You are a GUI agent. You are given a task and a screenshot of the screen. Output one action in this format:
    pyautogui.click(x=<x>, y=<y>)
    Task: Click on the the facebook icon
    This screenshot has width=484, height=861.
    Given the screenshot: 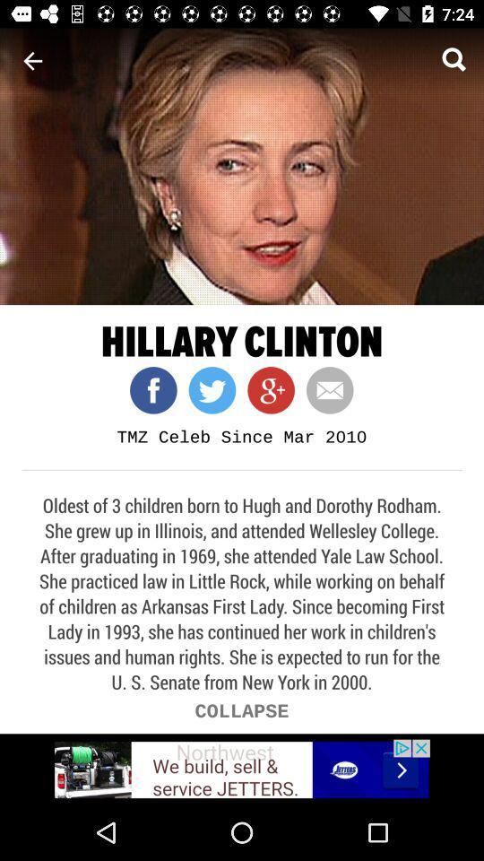 What is the action you would take?
    pyautogui.click(x=153, y=390)
    